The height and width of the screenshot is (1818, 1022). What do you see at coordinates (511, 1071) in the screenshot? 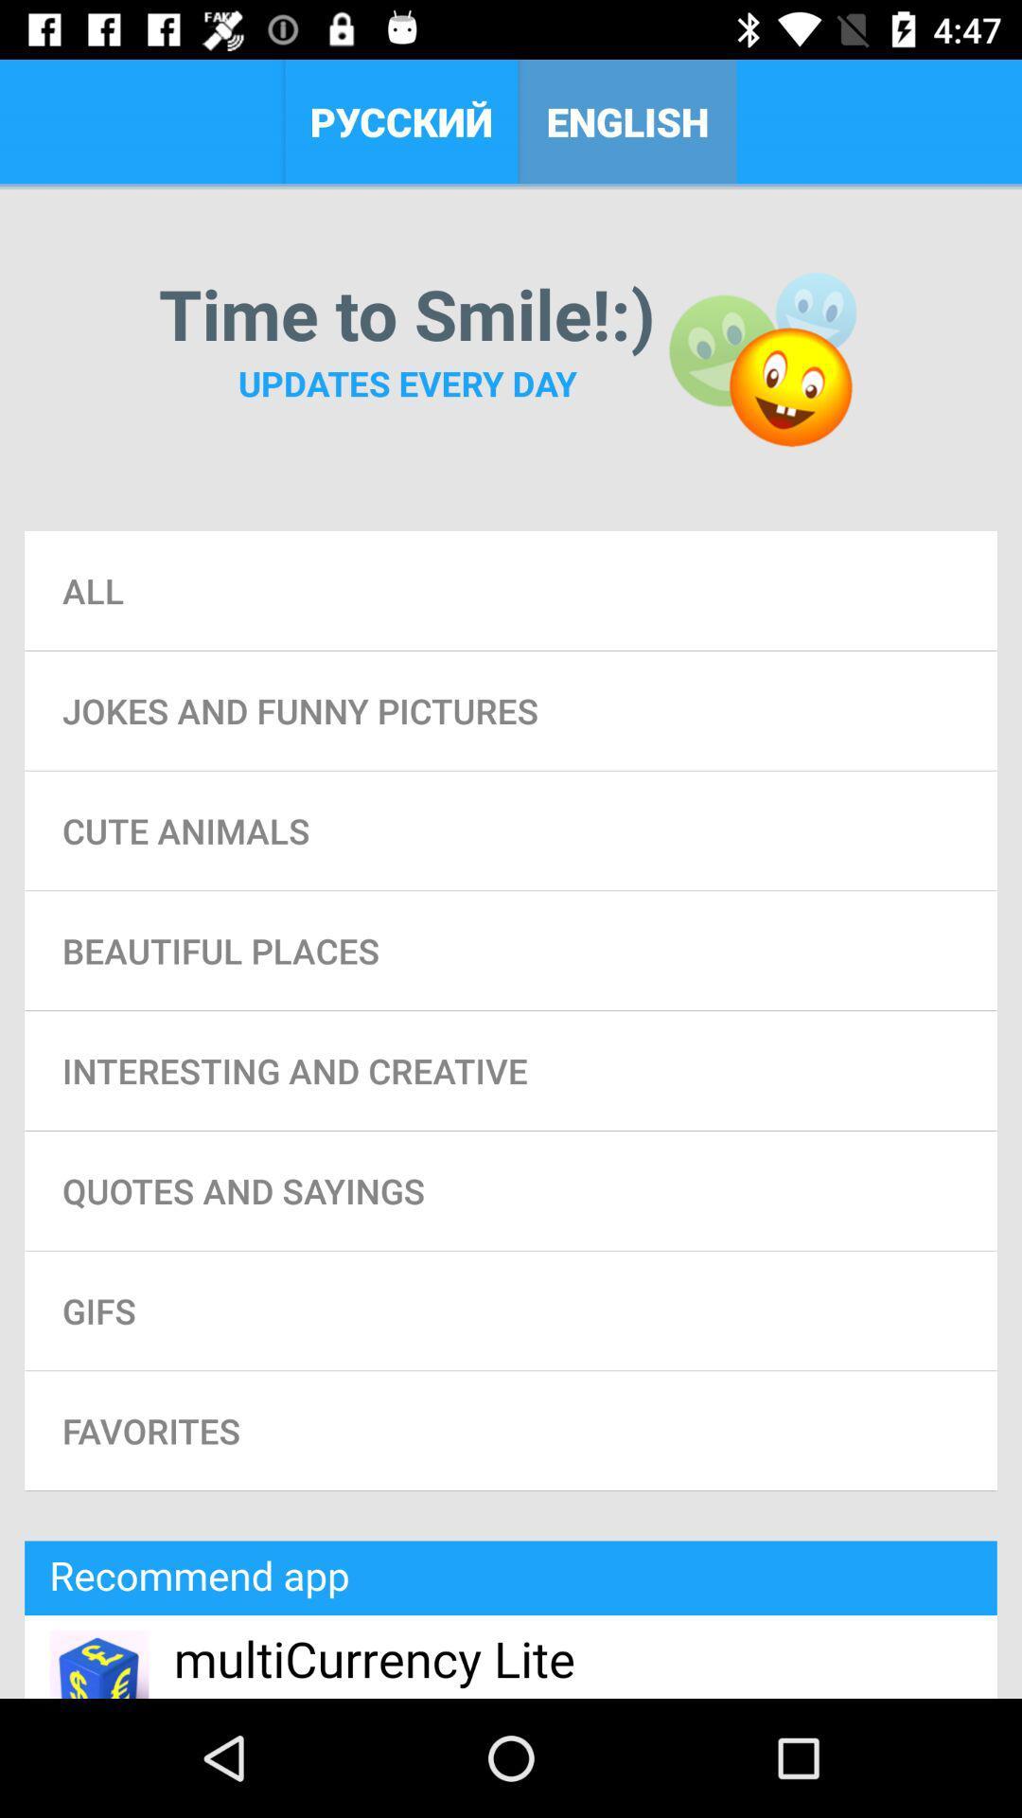
I see `interesting and creative icon` at bounding box center [511, 1071].